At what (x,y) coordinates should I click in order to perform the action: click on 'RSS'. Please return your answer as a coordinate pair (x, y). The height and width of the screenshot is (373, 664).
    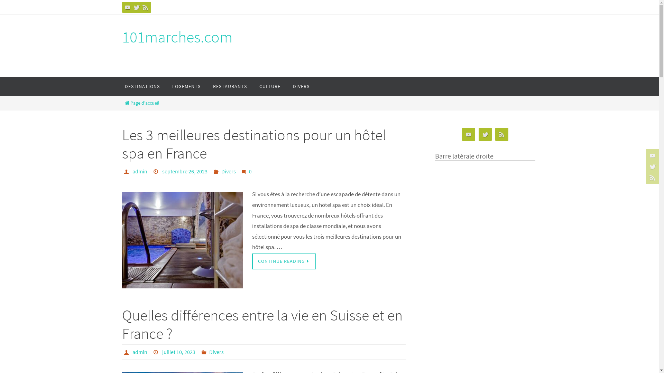
    Looking at the image, I should click on (495, 134).